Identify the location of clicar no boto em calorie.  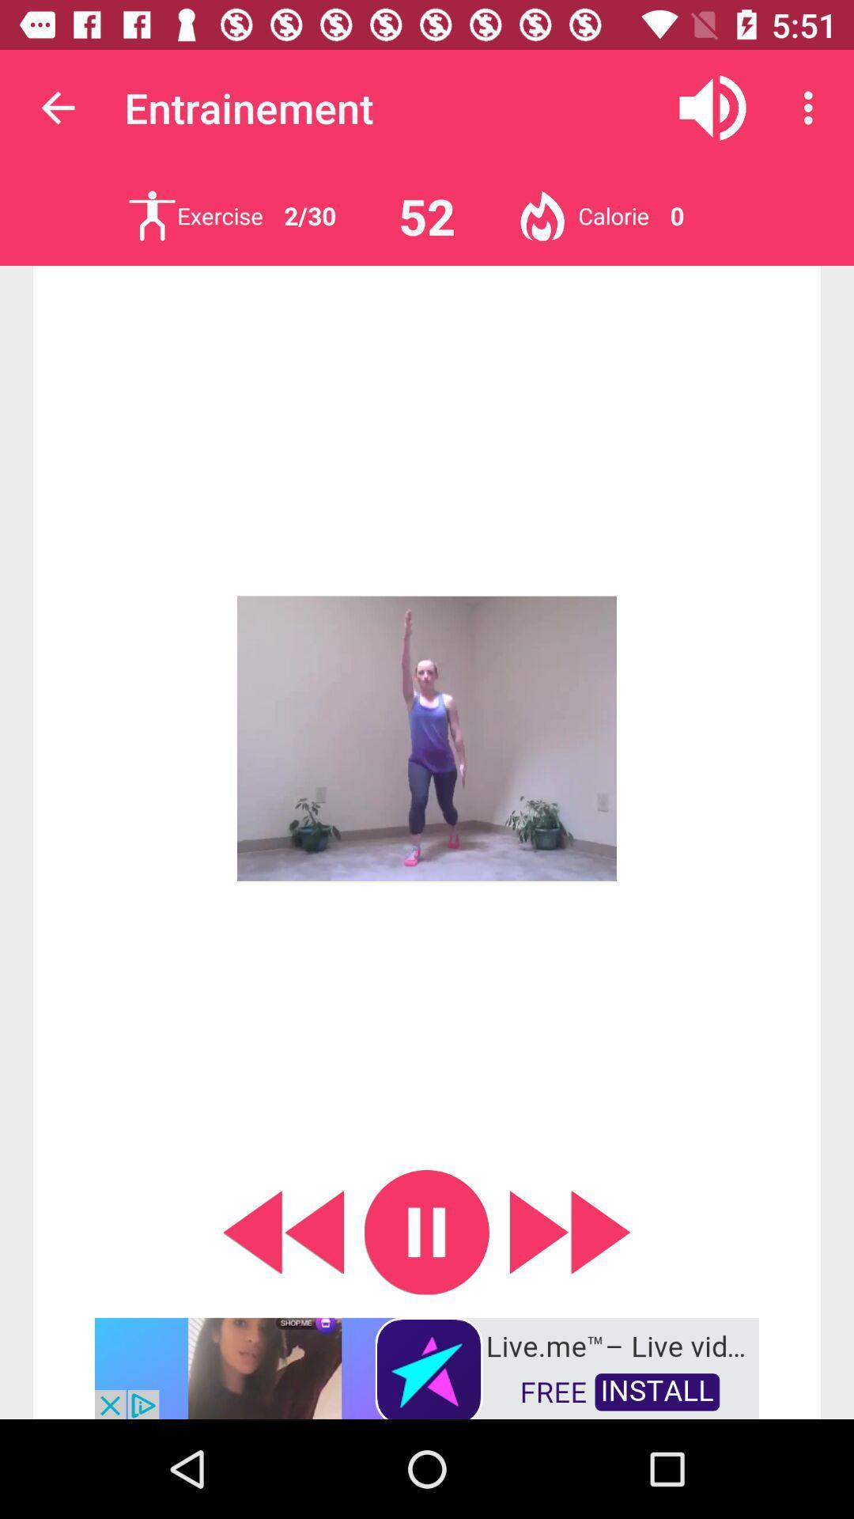
(542, 215).